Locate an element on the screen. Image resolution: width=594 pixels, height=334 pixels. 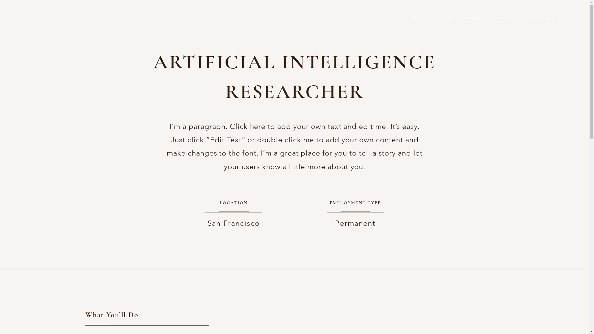
'Founders' is located at coordinates (445, 17).